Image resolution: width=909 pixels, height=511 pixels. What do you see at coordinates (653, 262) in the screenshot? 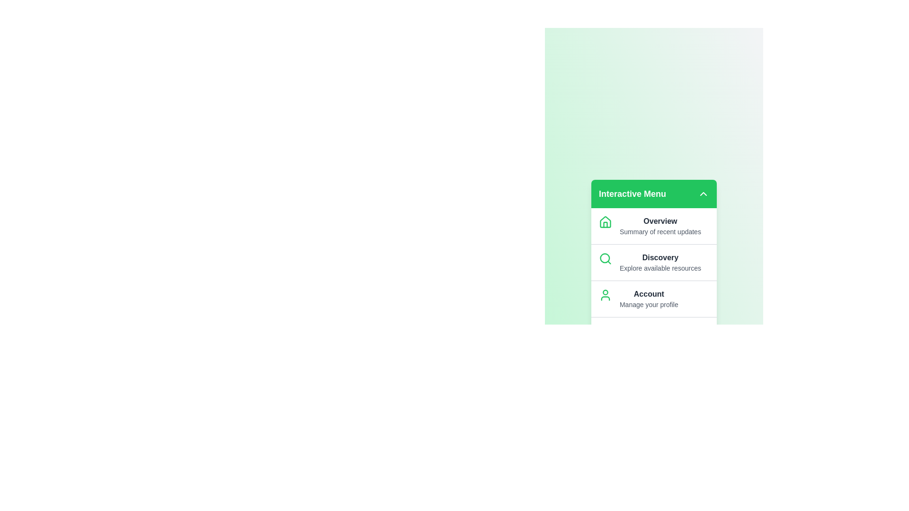
I see `the menu item labeled Discovery to view its hover effect` at bounding box center [653, 262].